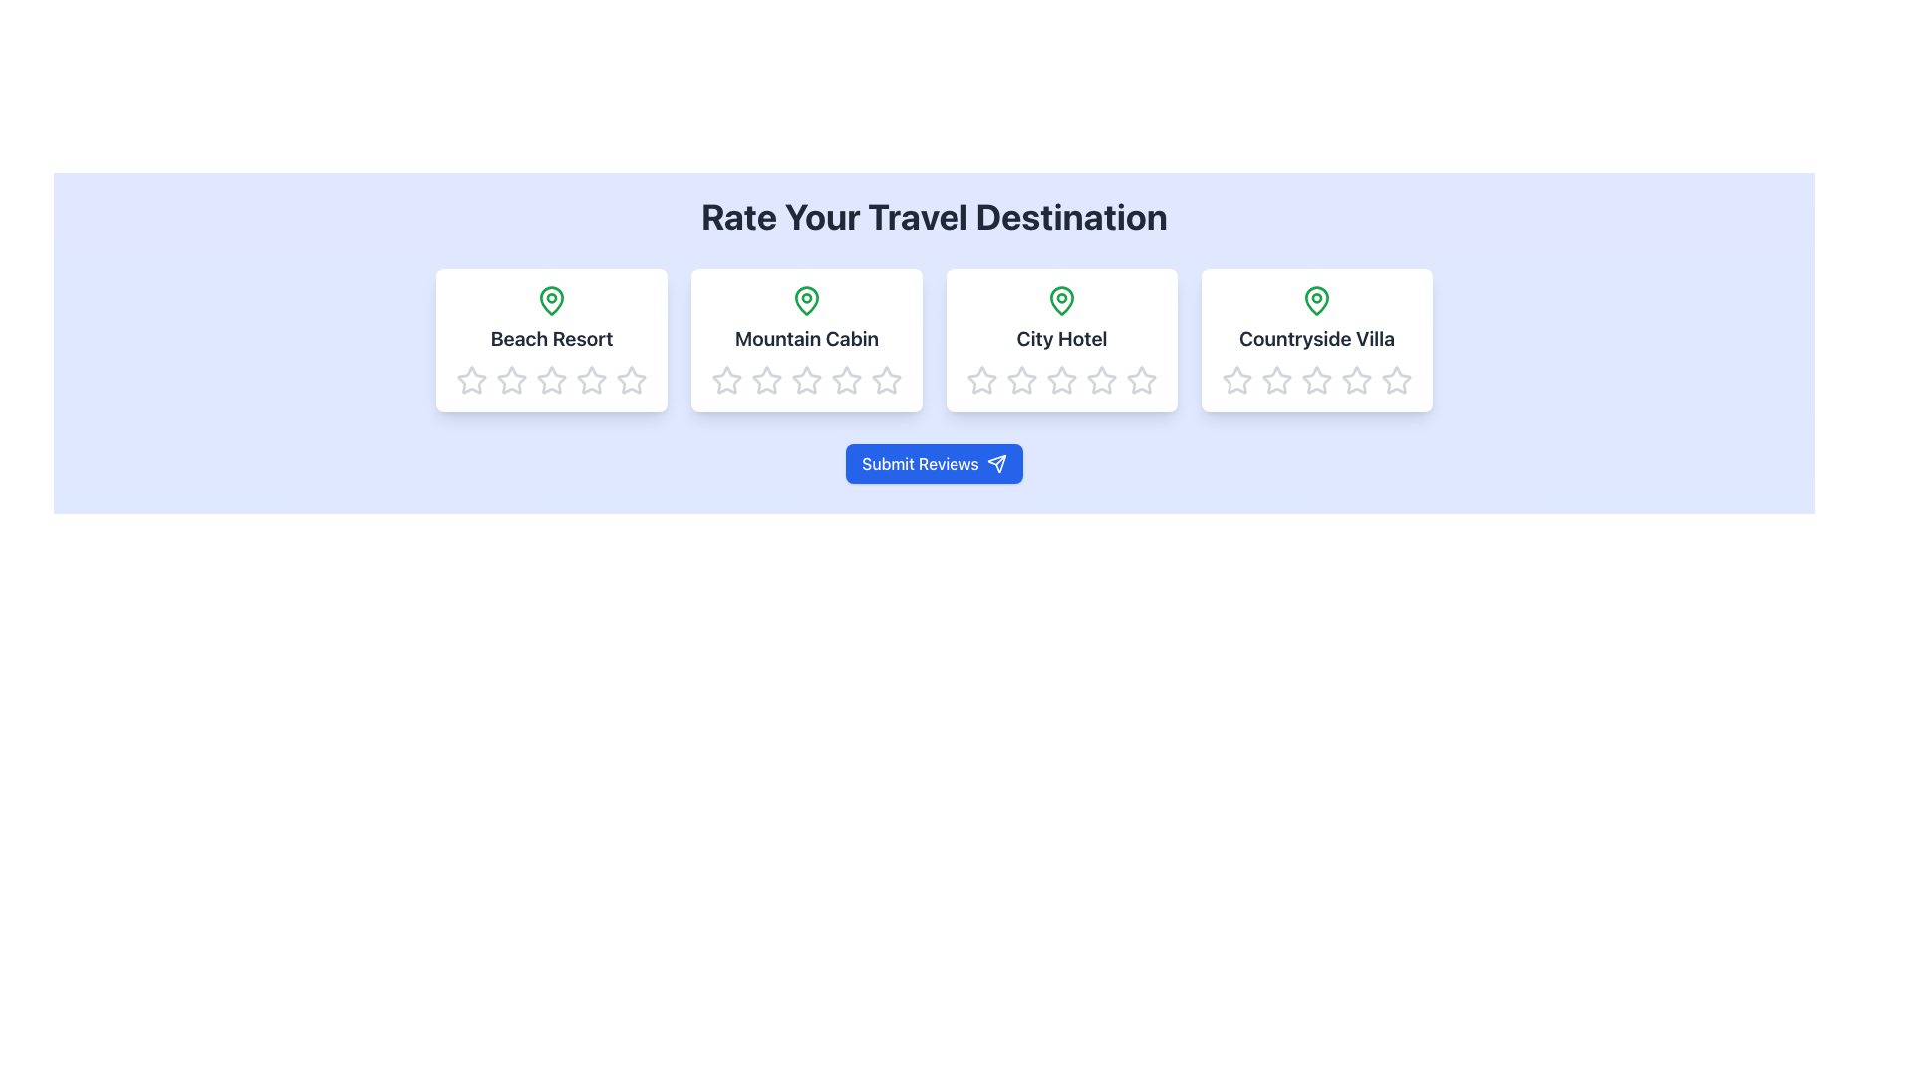  What do you see at coordinates (1100, 380) in the screenshot?
I see `the fourth star icon in the 5-star rating system beneath the 'City Hotel' card` at bounding box center [1100, 380].